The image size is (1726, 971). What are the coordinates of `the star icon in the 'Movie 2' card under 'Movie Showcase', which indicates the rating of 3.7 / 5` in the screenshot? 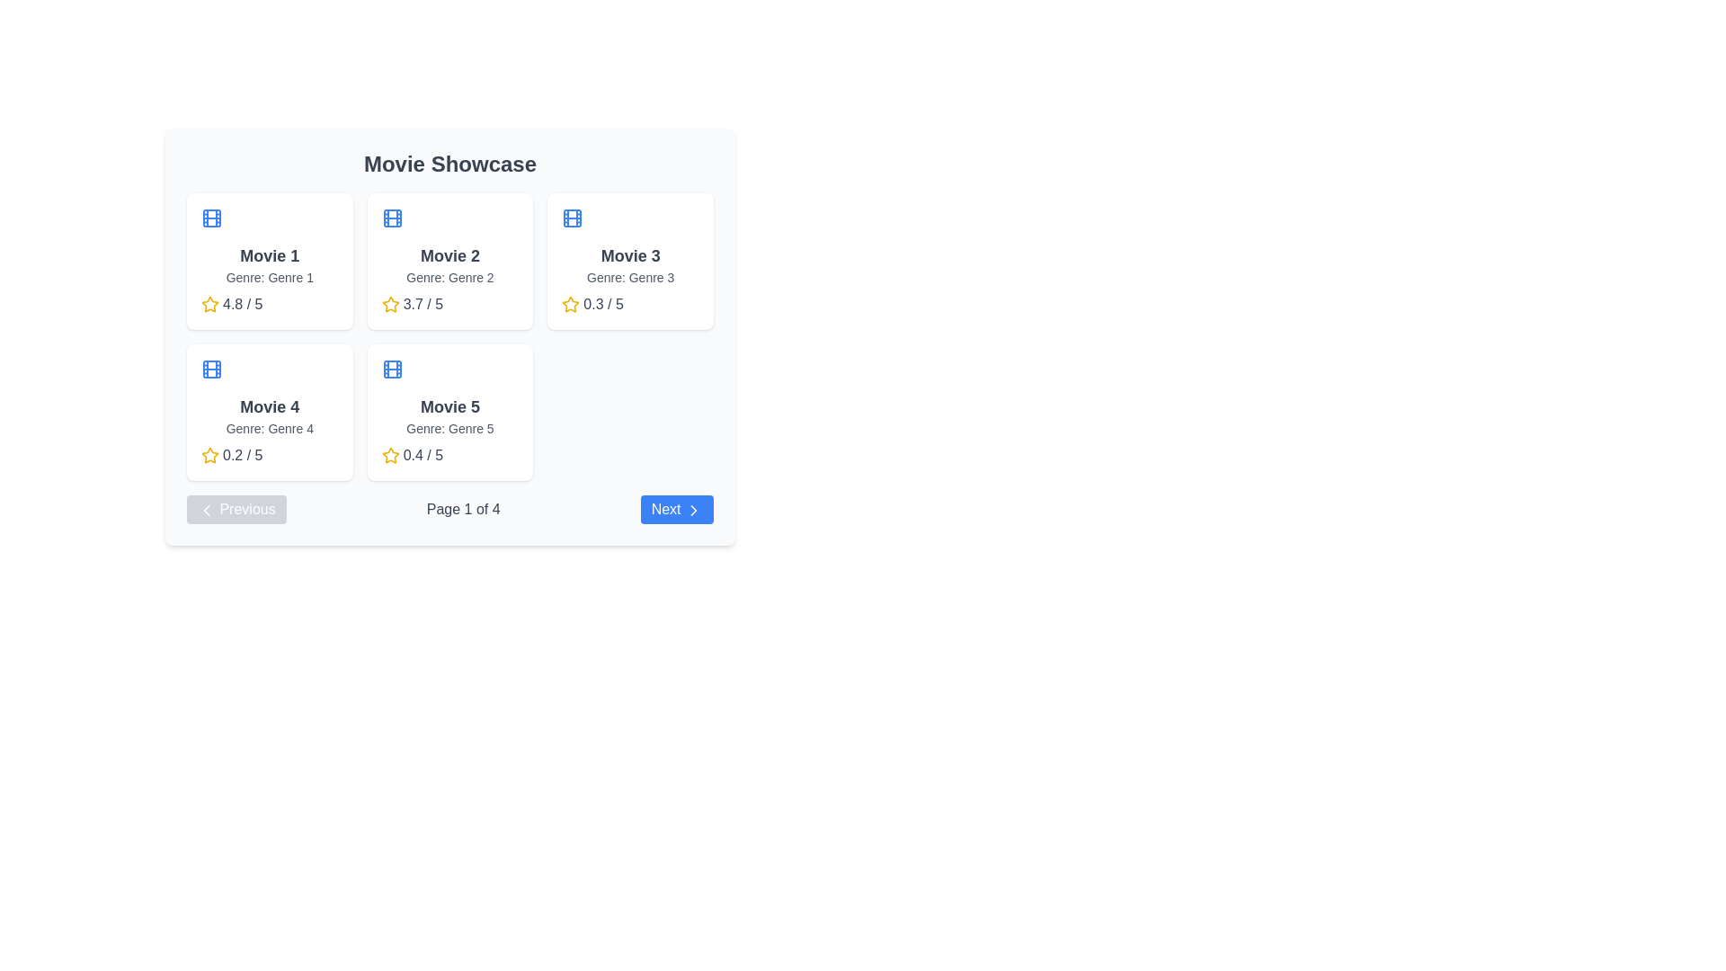 It's located at (389, 304).